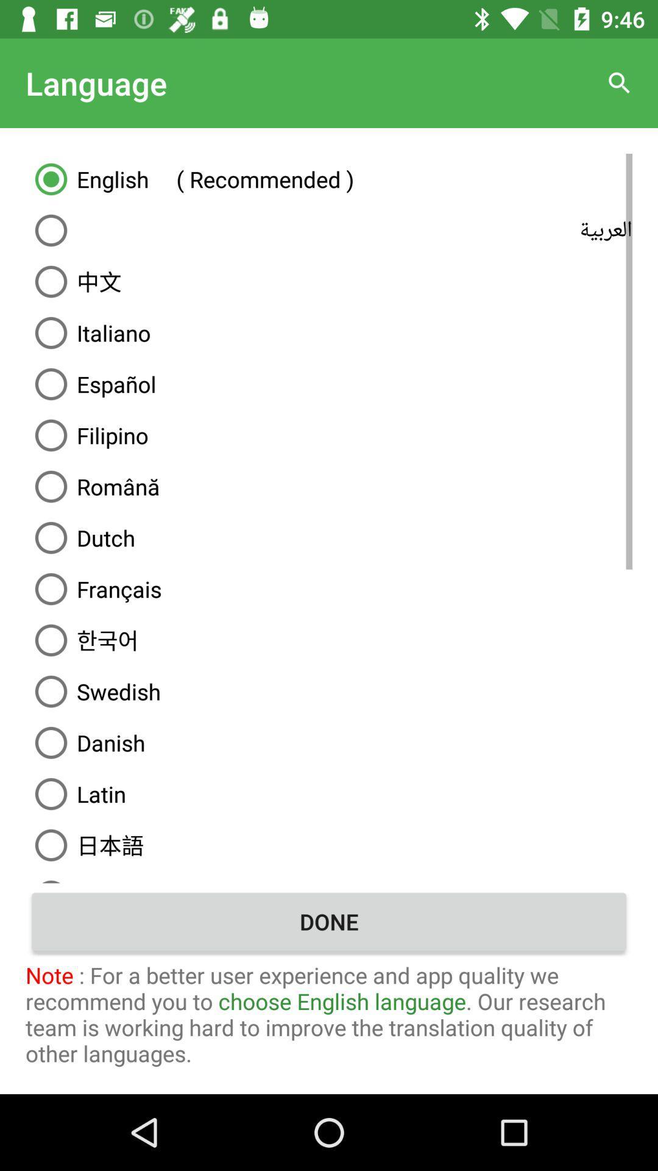  I want to click on the option below the english, so click(329, 231).